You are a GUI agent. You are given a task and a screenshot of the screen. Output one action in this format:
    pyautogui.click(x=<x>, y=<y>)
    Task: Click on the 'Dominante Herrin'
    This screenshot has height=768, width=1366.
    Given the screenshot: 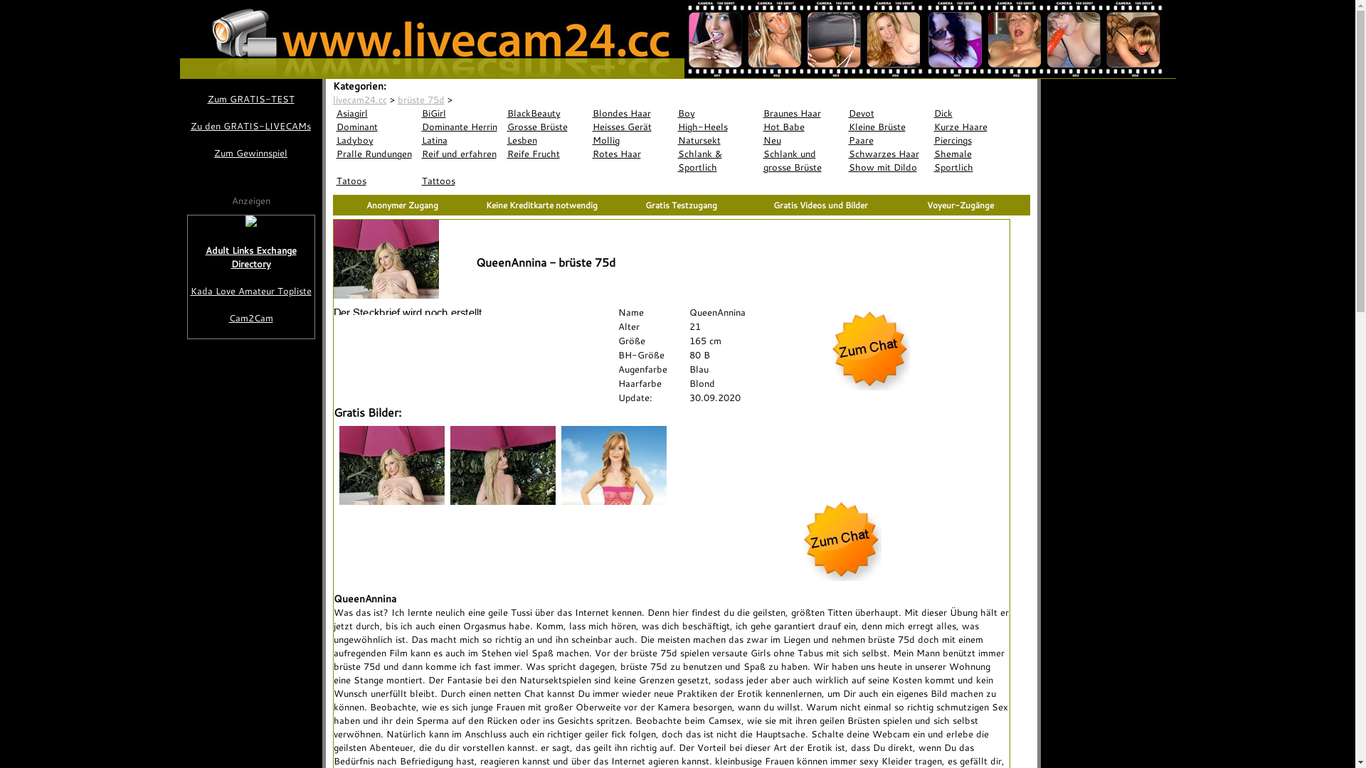 What is the action you would take?
    pyautogui.click(x=418, y=126)
    